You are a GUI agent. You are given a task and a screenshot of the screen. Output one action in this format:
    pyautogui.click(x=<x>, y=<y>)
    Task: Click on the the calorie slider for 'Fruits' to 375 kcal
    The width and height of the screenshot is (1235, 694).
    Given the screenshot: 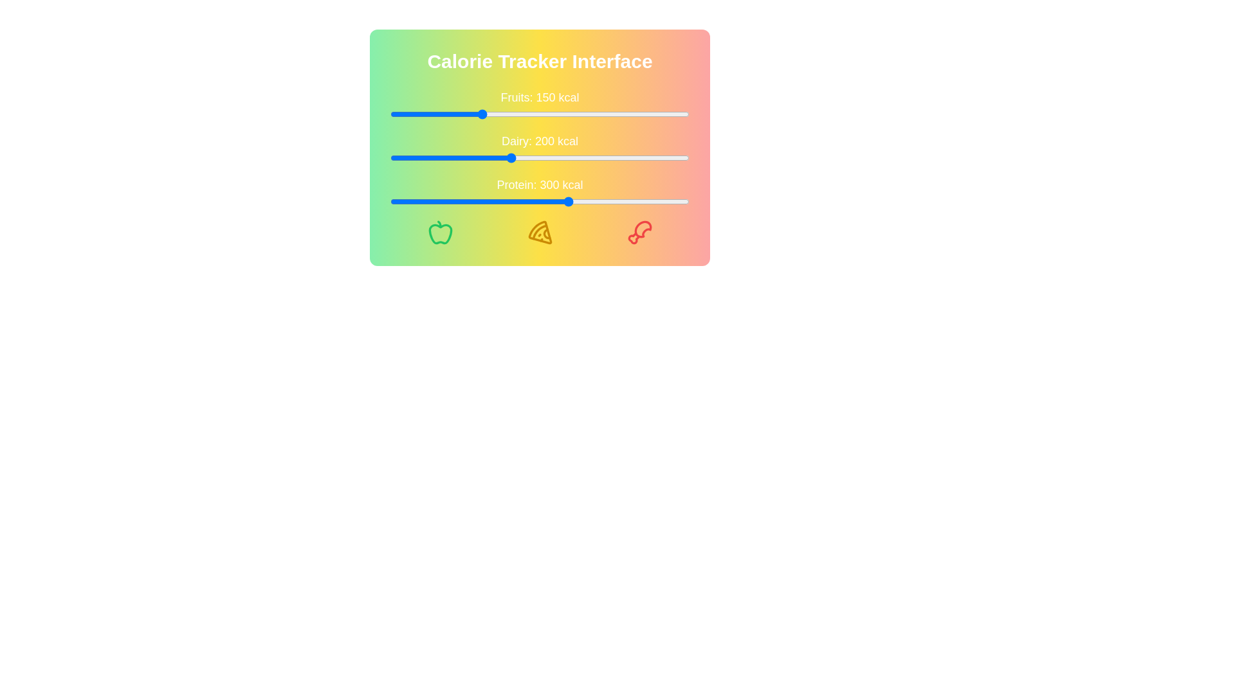 What is the action you would take?
    pyautogui.click(x=614, y=113)
    